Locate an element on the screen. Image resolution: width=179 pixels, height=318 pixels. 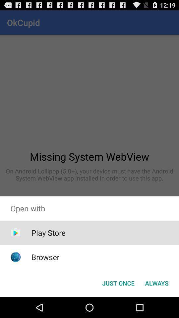
browser is located at coordinates (45, 257).